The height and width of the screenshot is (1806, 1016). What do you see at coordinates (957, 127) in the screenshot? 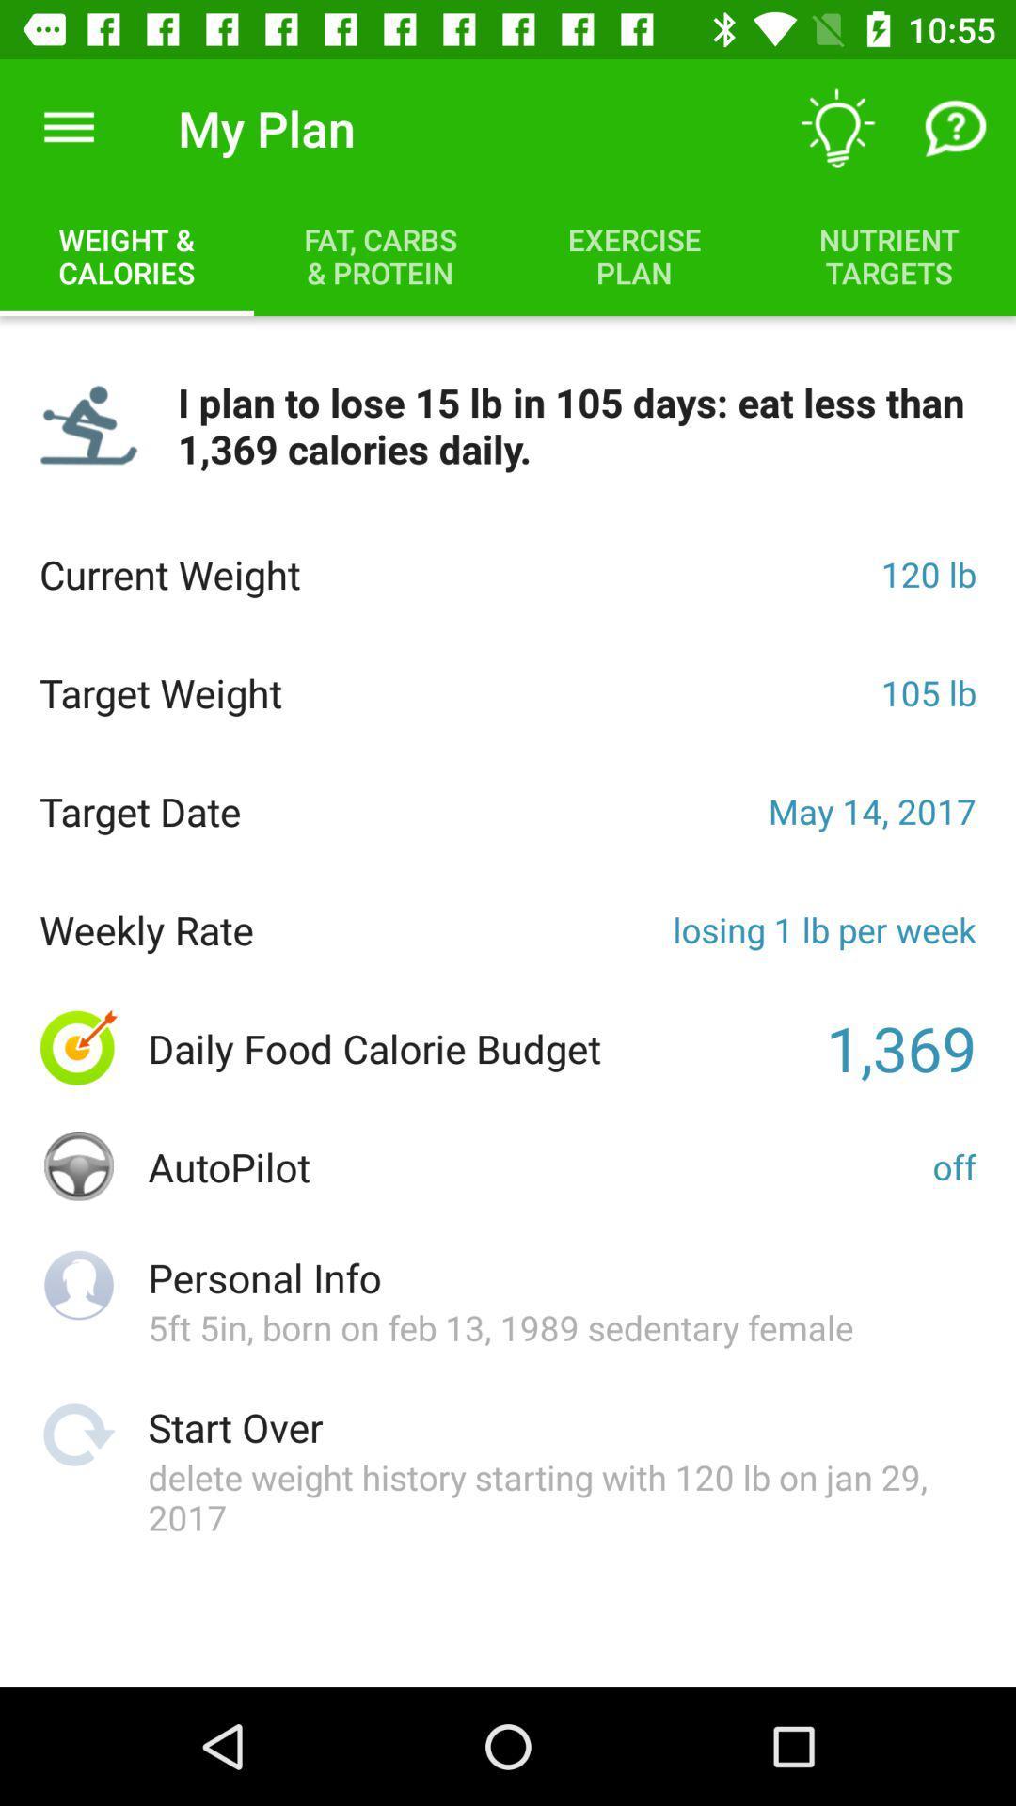
I see `the item above the nutrient` at bounding box center [957, 127].